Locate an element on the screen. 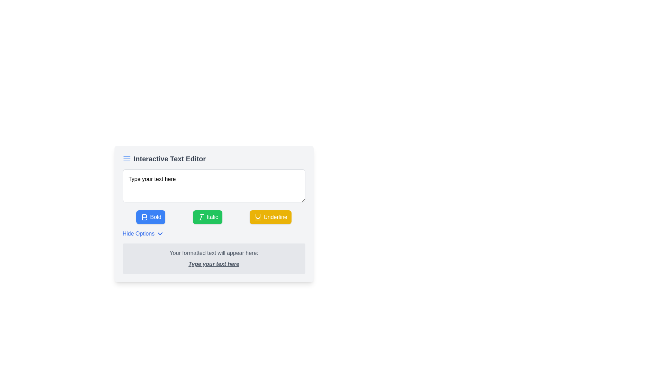 The image size is (664, 373). the bold icon on the left side of the blue button labeled 'Bold' is located at coordinates (144, 217).